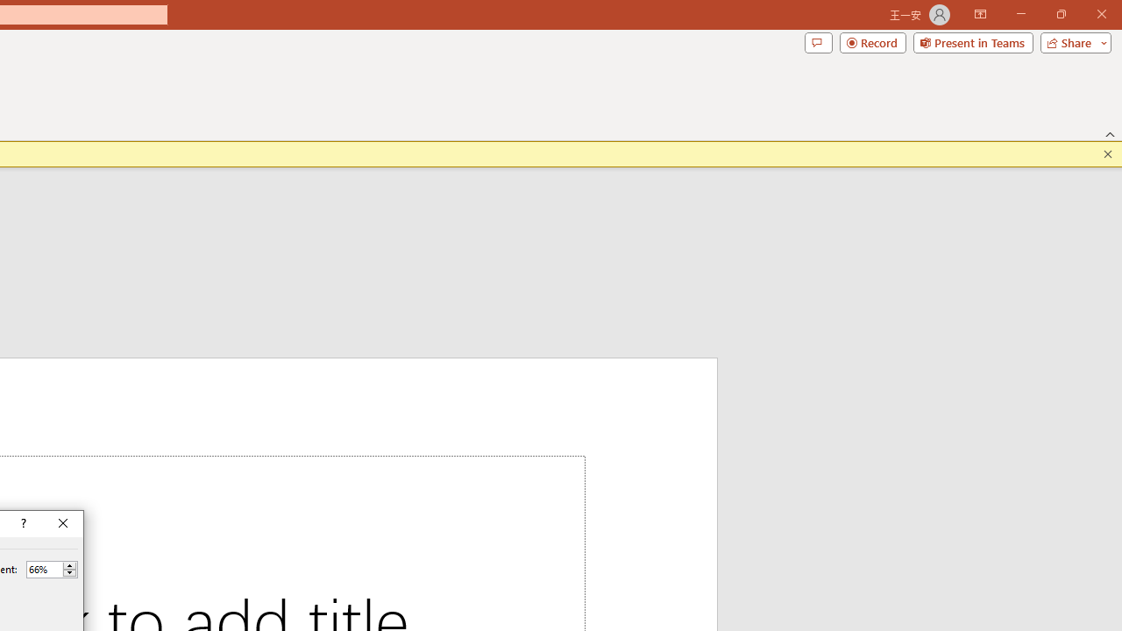 The image size is (1122, 631). Describe the element at coordinates (1107, 153) in the screenshot. I see `'Close this message'` at that location.